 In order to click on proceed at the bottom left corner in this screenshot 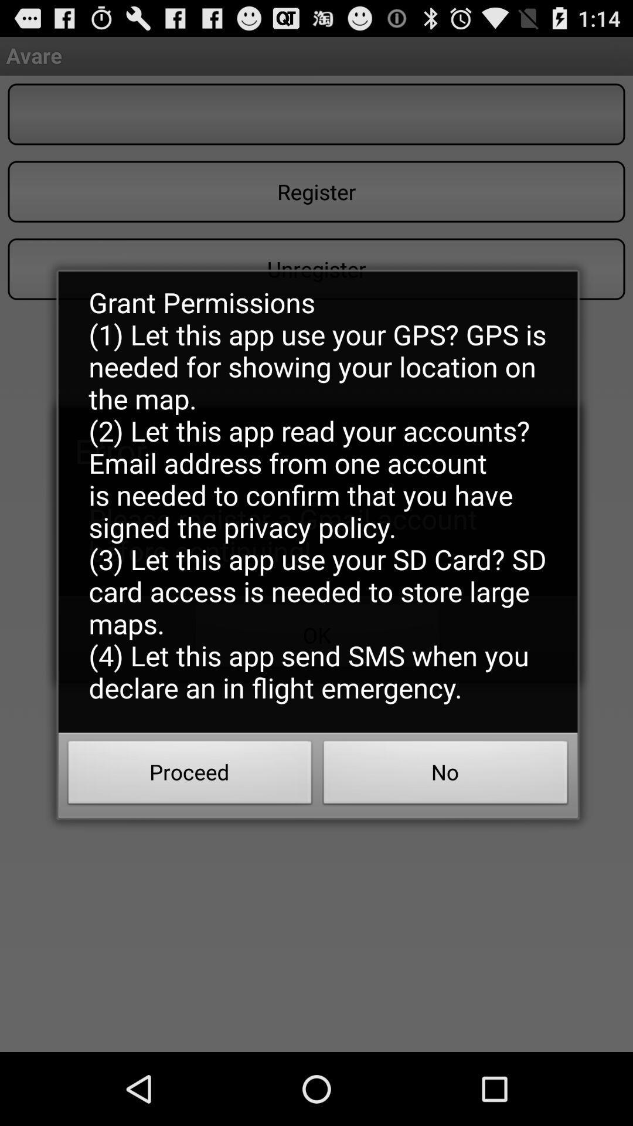, I will do `click(189, 776)`.